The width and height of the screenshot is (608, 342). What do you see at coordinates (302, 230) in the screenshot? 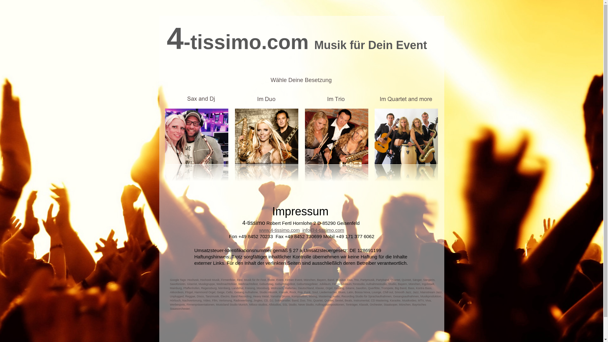
I see `'info@4-tissimo.com'` at bounding box center [302, 230].